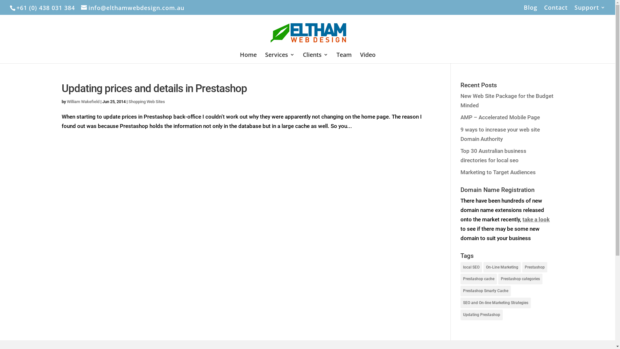  Describe the element at coordinates (485, 291) in the screenshot. I see `'Prestashop Smarty Cache'` at that location.